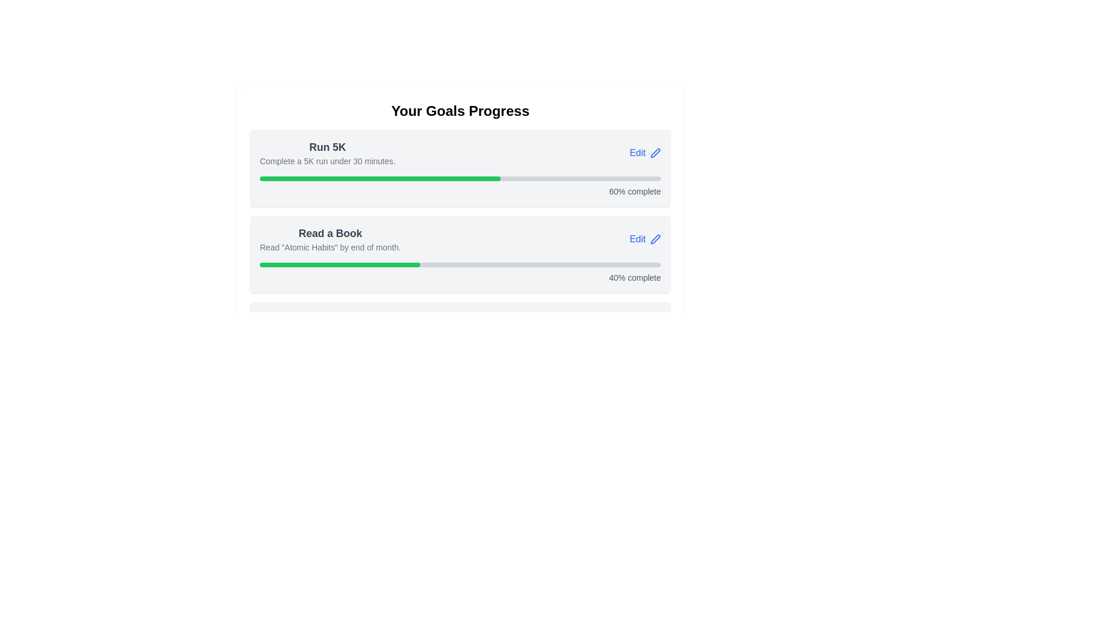 This screenshot has width=1119, height=629. What do you see at coordinates (327, 161) in the screenshot?
I see `the non-interactive text element that reads 'Complete a 5K run under 30 minutes.', positioned below the title 'Run 5K' and above the progress bar` at bounding box center [327, 161].